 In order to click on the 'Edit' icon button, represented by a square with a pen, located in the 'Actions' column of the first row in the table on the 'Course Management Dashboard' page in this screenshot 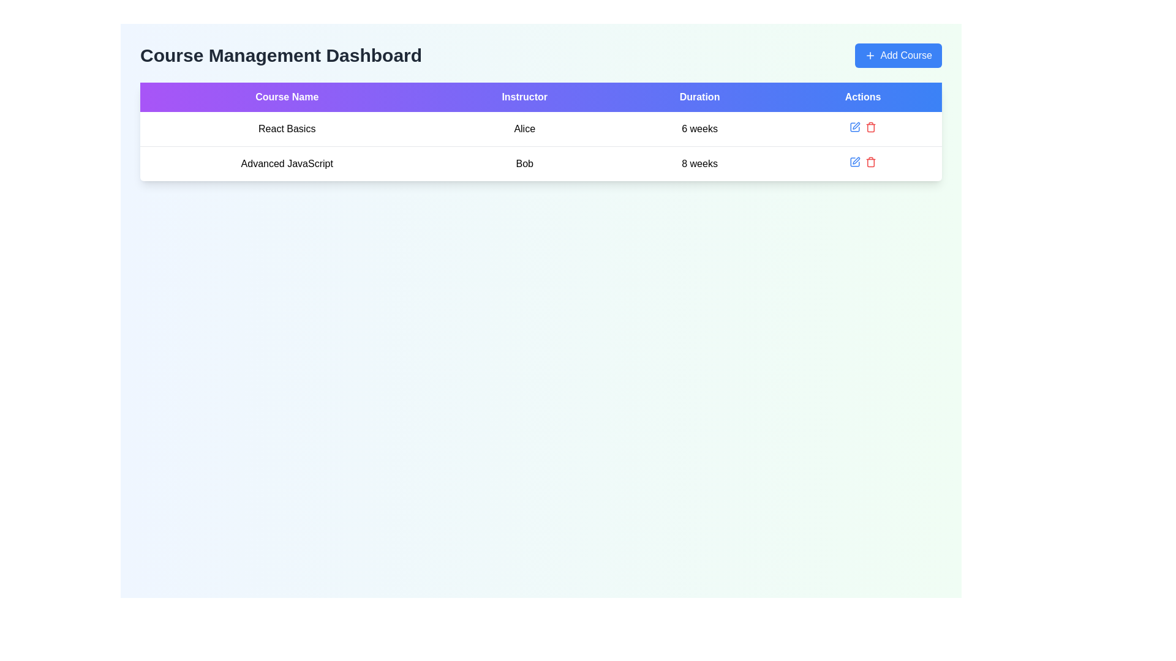, I will do `click(854, 127)`.